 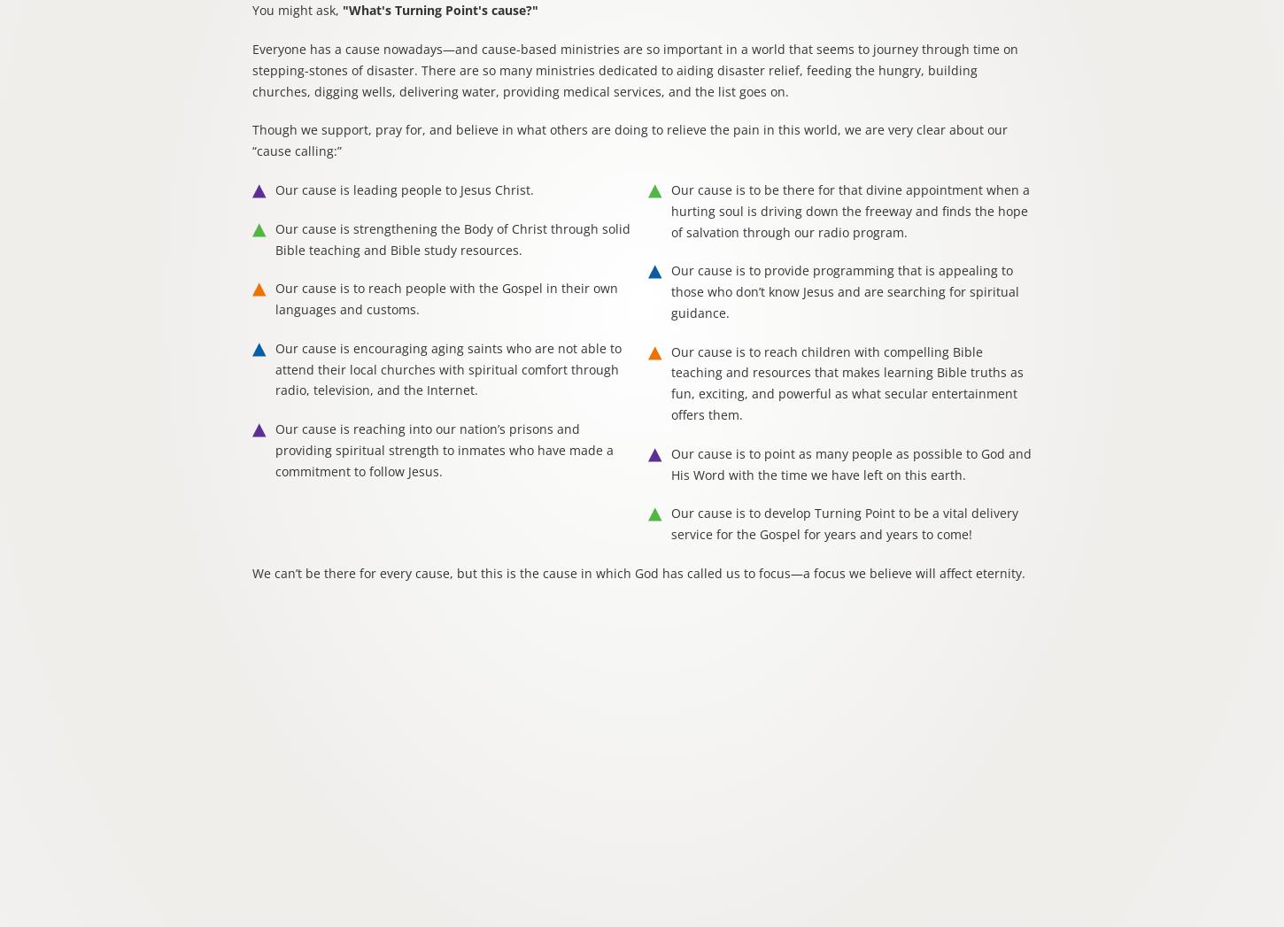 What do you see at coordinates (275, 298) in the screenshot?
I see `'Our cause is to reach people with the Gospel in their own languages and customs.'` at bounding box center [275, 298].